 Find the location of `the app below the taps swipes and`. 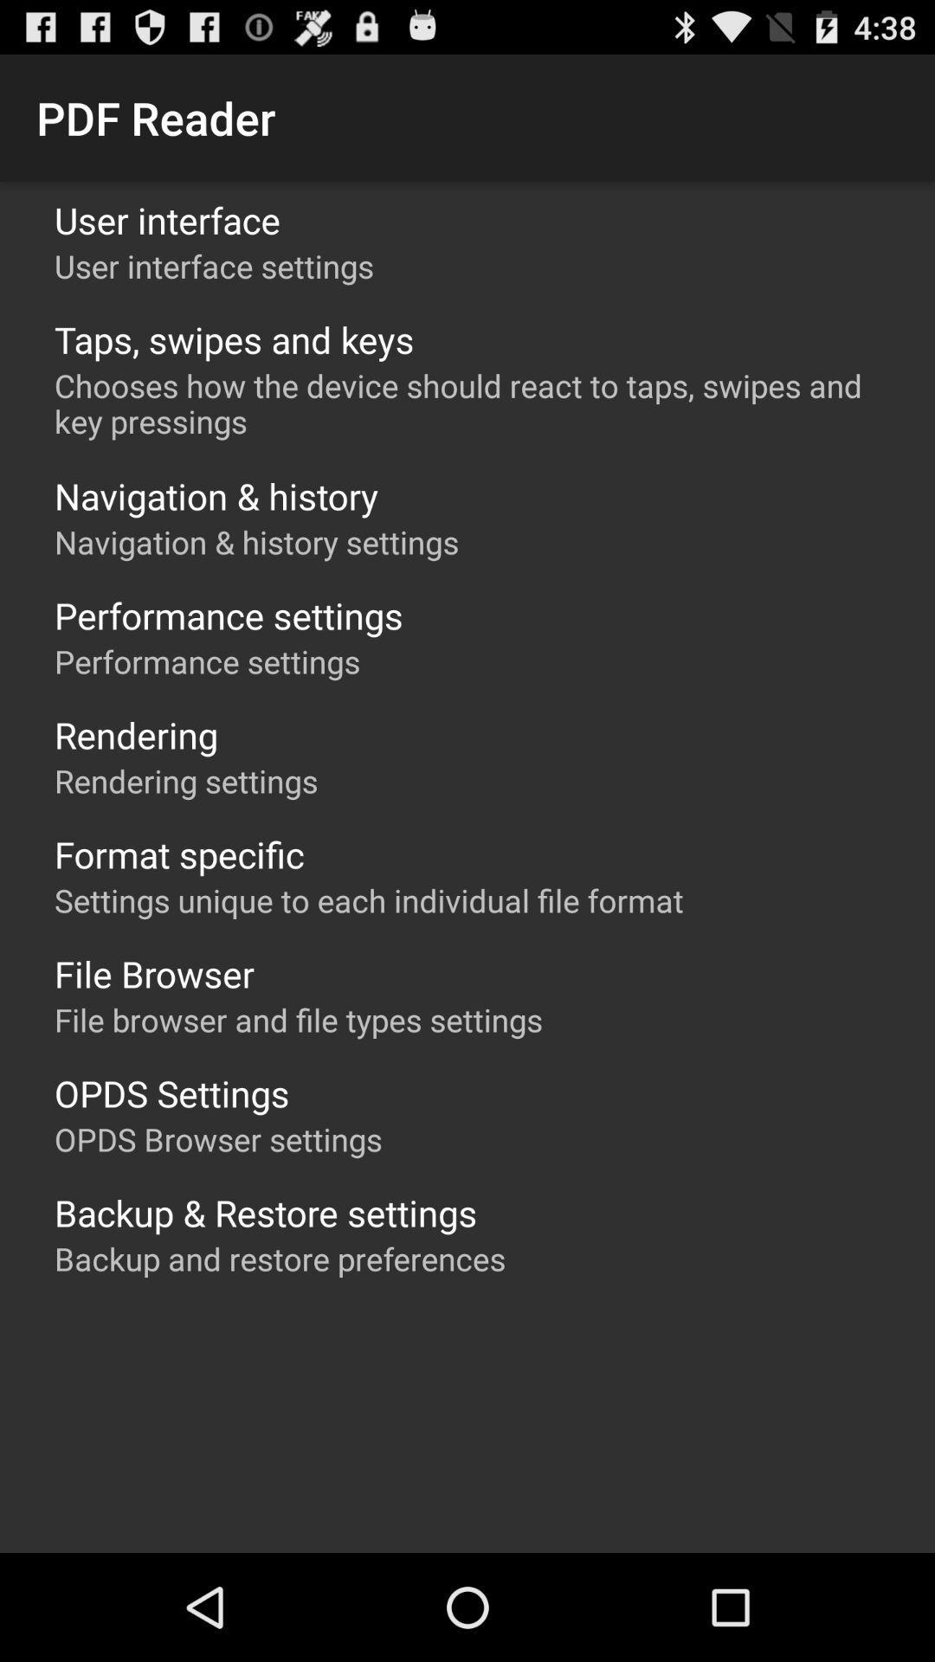

the app below the taps swipes and is located at coordinates (476, 403).